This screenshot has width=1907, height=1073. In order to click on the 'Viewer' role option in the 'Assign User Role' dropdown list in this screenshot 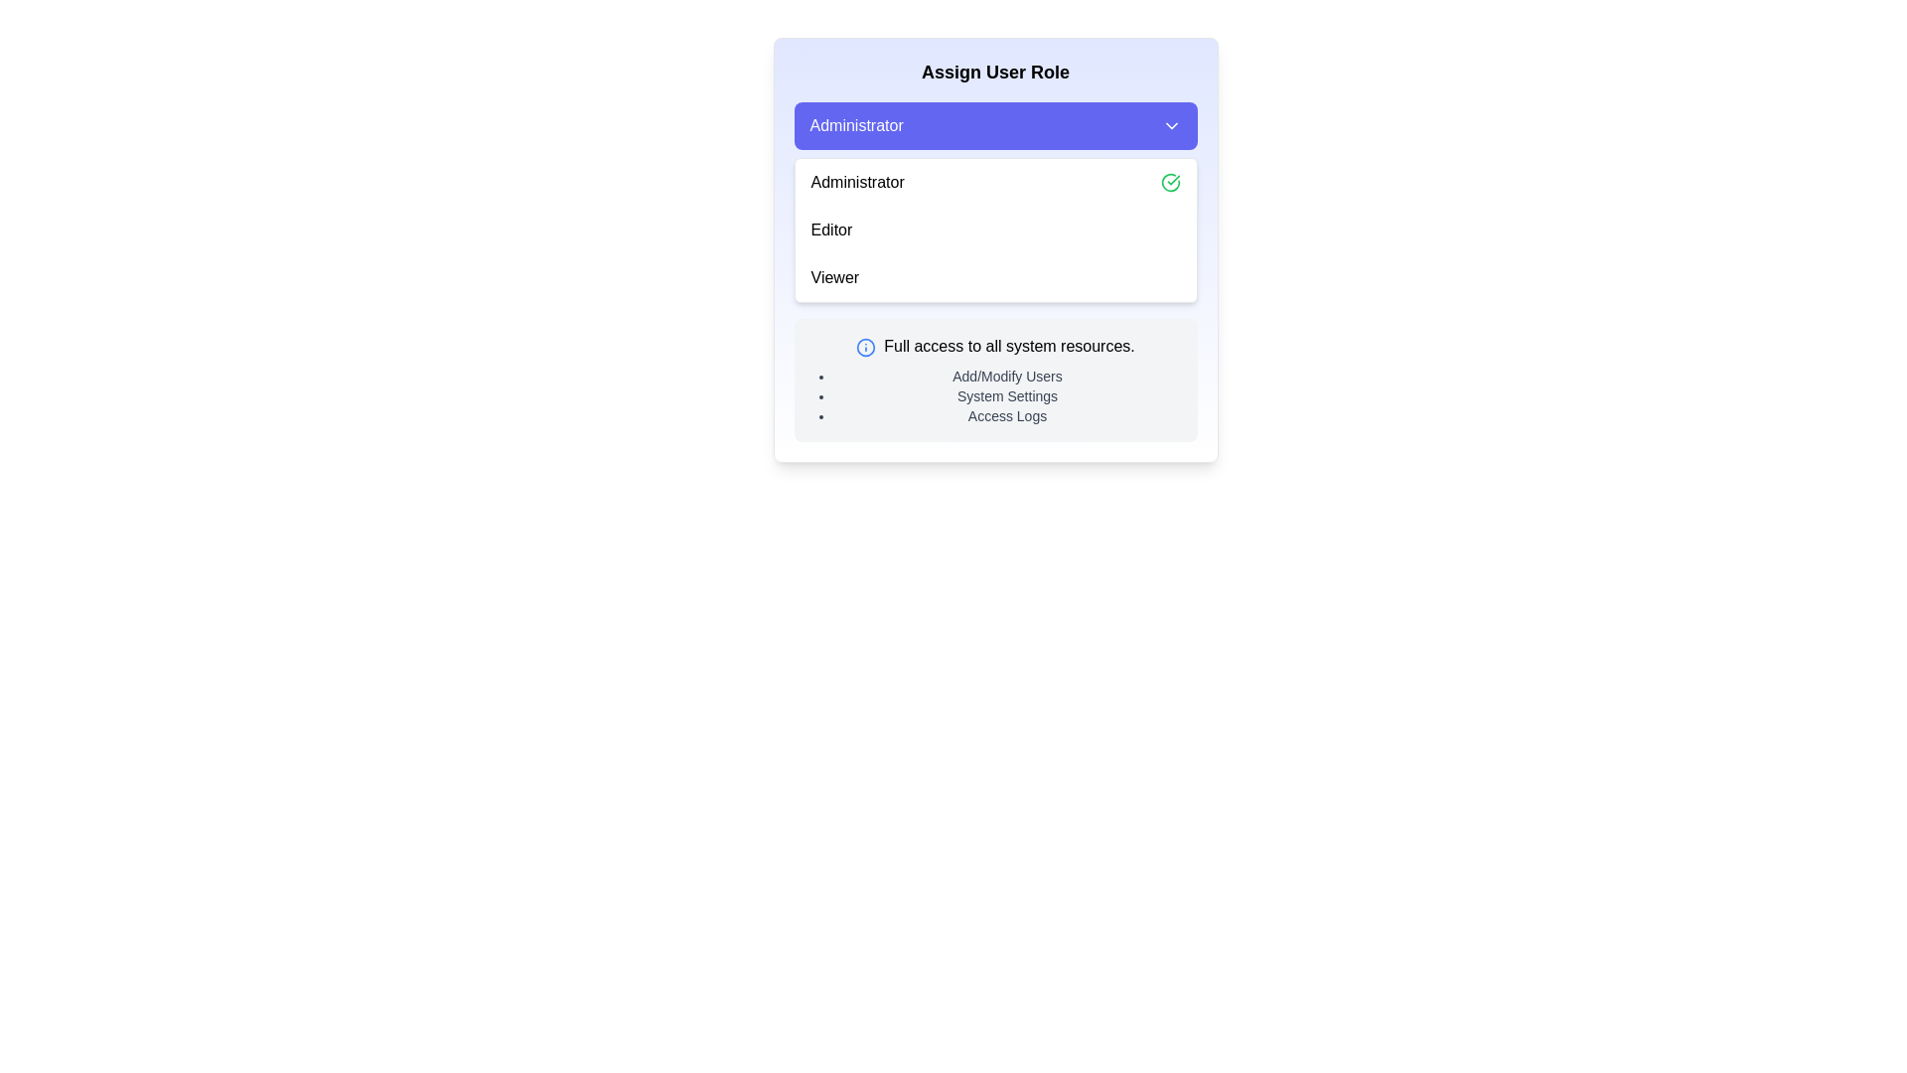, I will do `click(995, 278)`.